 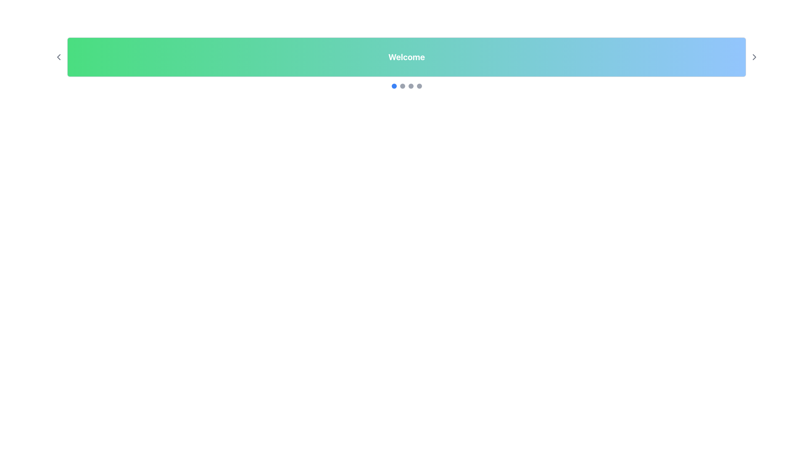 What do you see at coordinates (411, 86) in the screenshot?
I see `the third circular indicator with a gray background located below the 'Welcome' title` at bounding box center [411, 86].